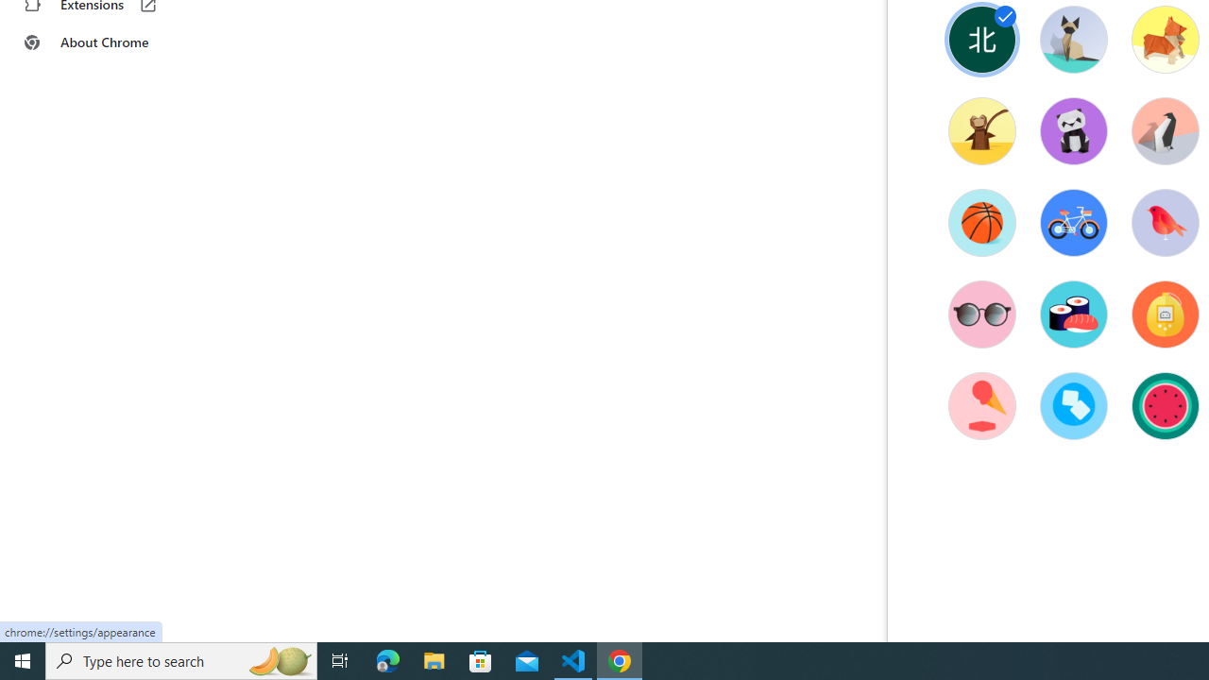 The width and height of the screenshot is (1209, 680). Describe the element at coordinates (116, 42) in the screenshot. I see `'About Chrome'` at that location.